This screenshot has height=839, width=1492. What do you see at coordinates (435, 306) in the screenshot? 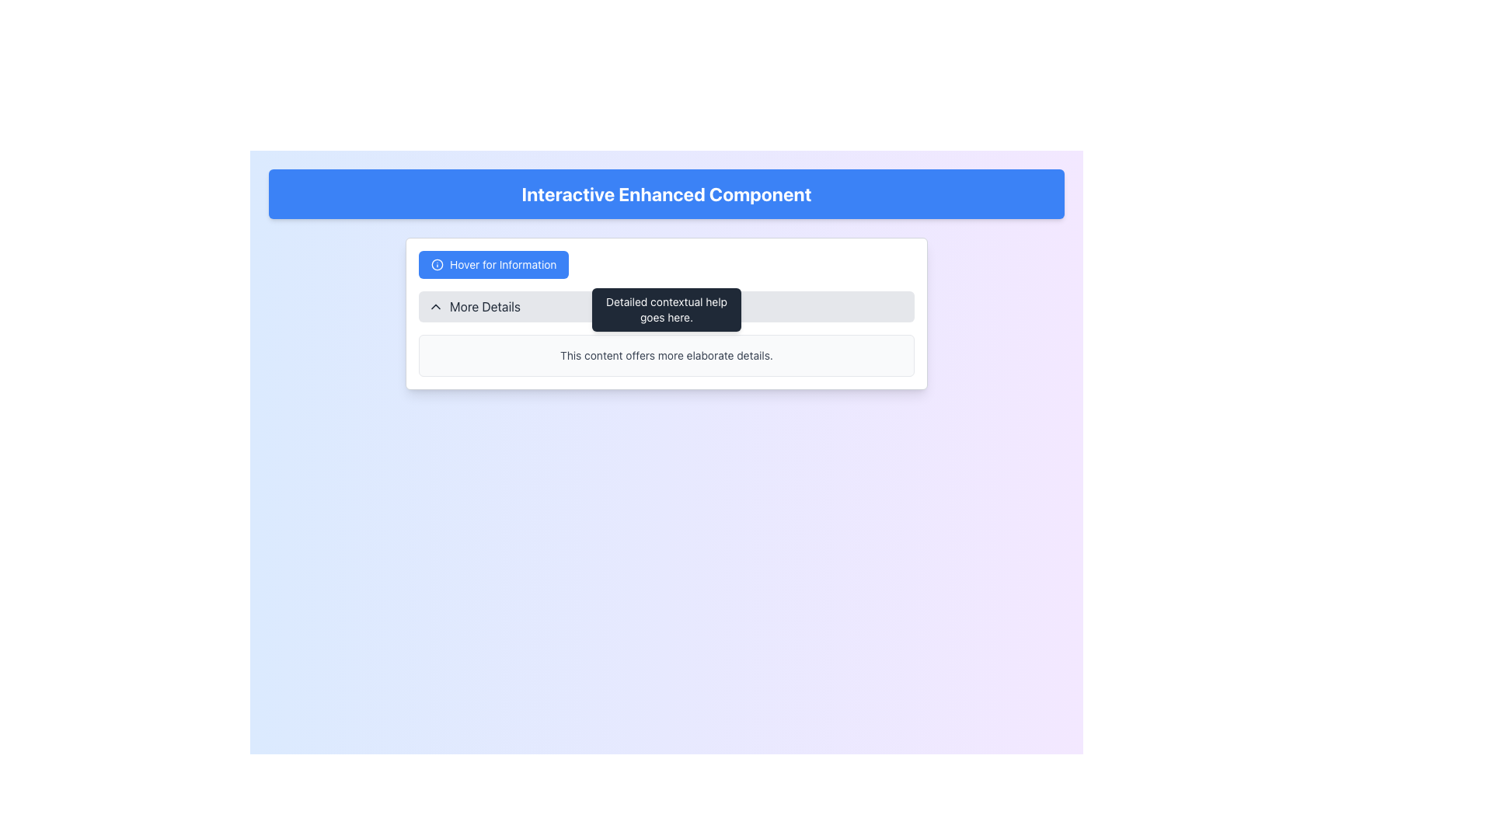
I see `the visual changes of the chevron icon located to the left of the 'More Details' text label within the button structure` at bounding box center [435, 306].